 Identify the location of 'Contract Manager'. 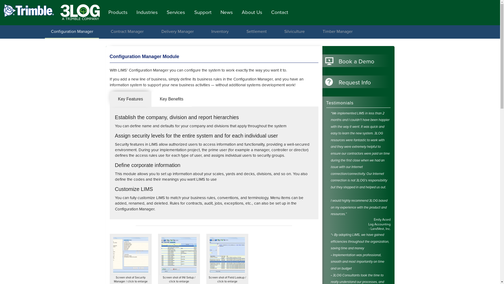
(127, 31).